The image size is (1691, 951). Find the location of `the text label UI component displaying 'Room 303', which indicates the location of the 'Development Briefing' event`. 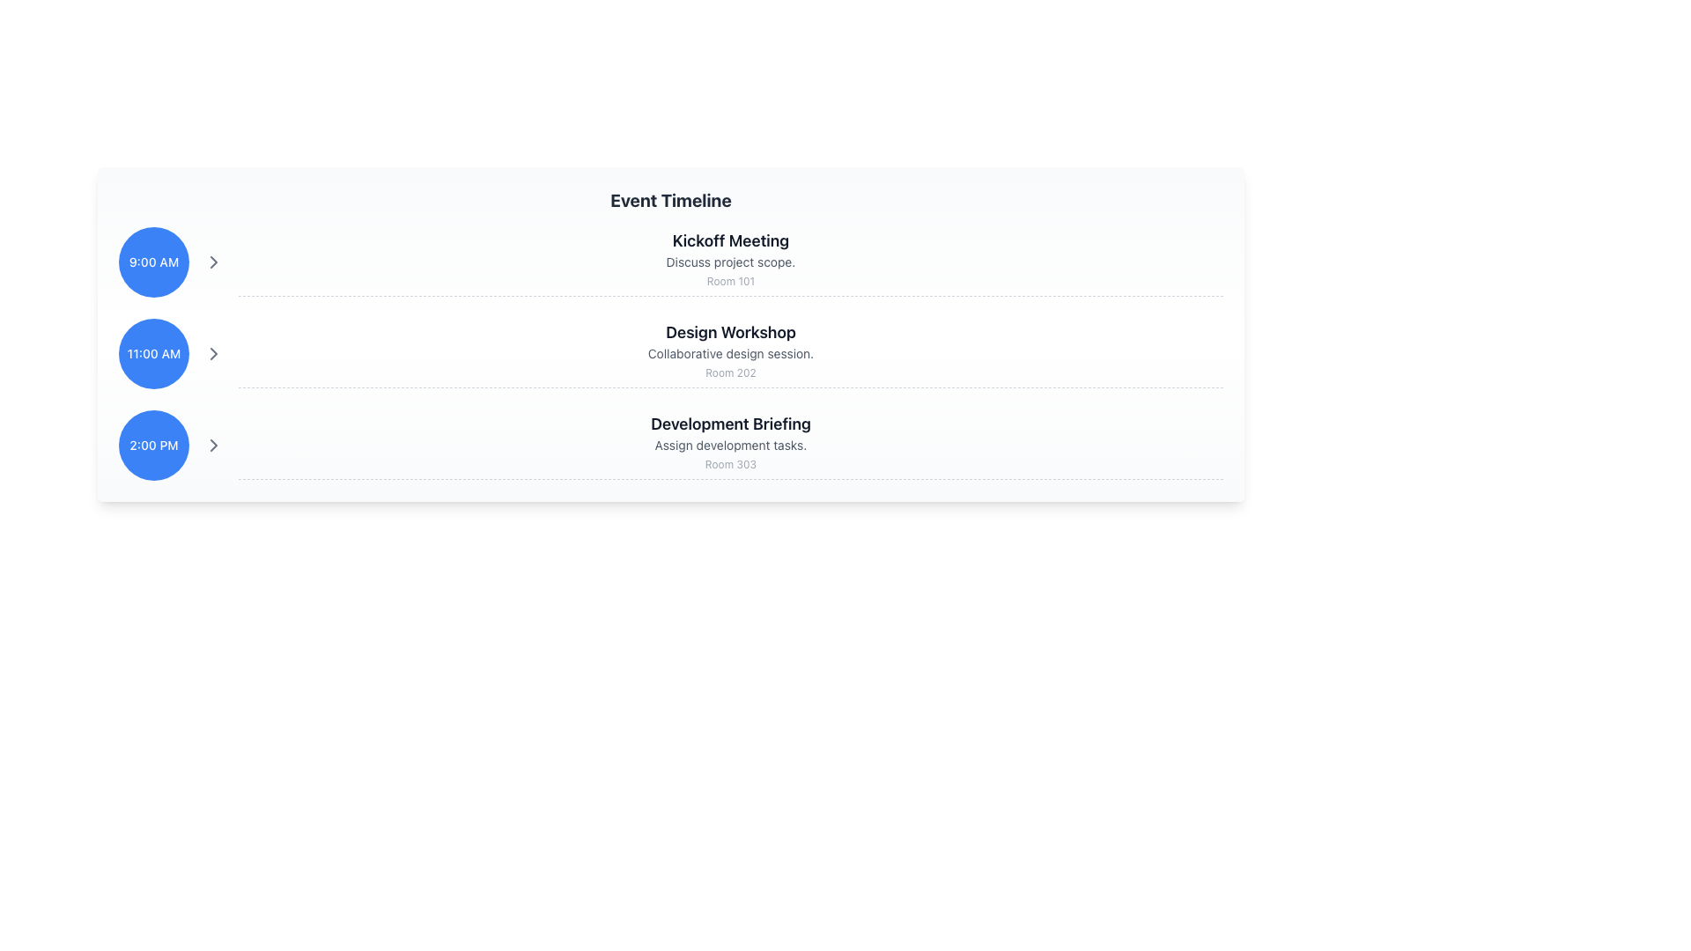

the text label UI component displaying 'Room 303', which indicates the location of the 'Development Briefing' event is located at coordinates (731, 463).